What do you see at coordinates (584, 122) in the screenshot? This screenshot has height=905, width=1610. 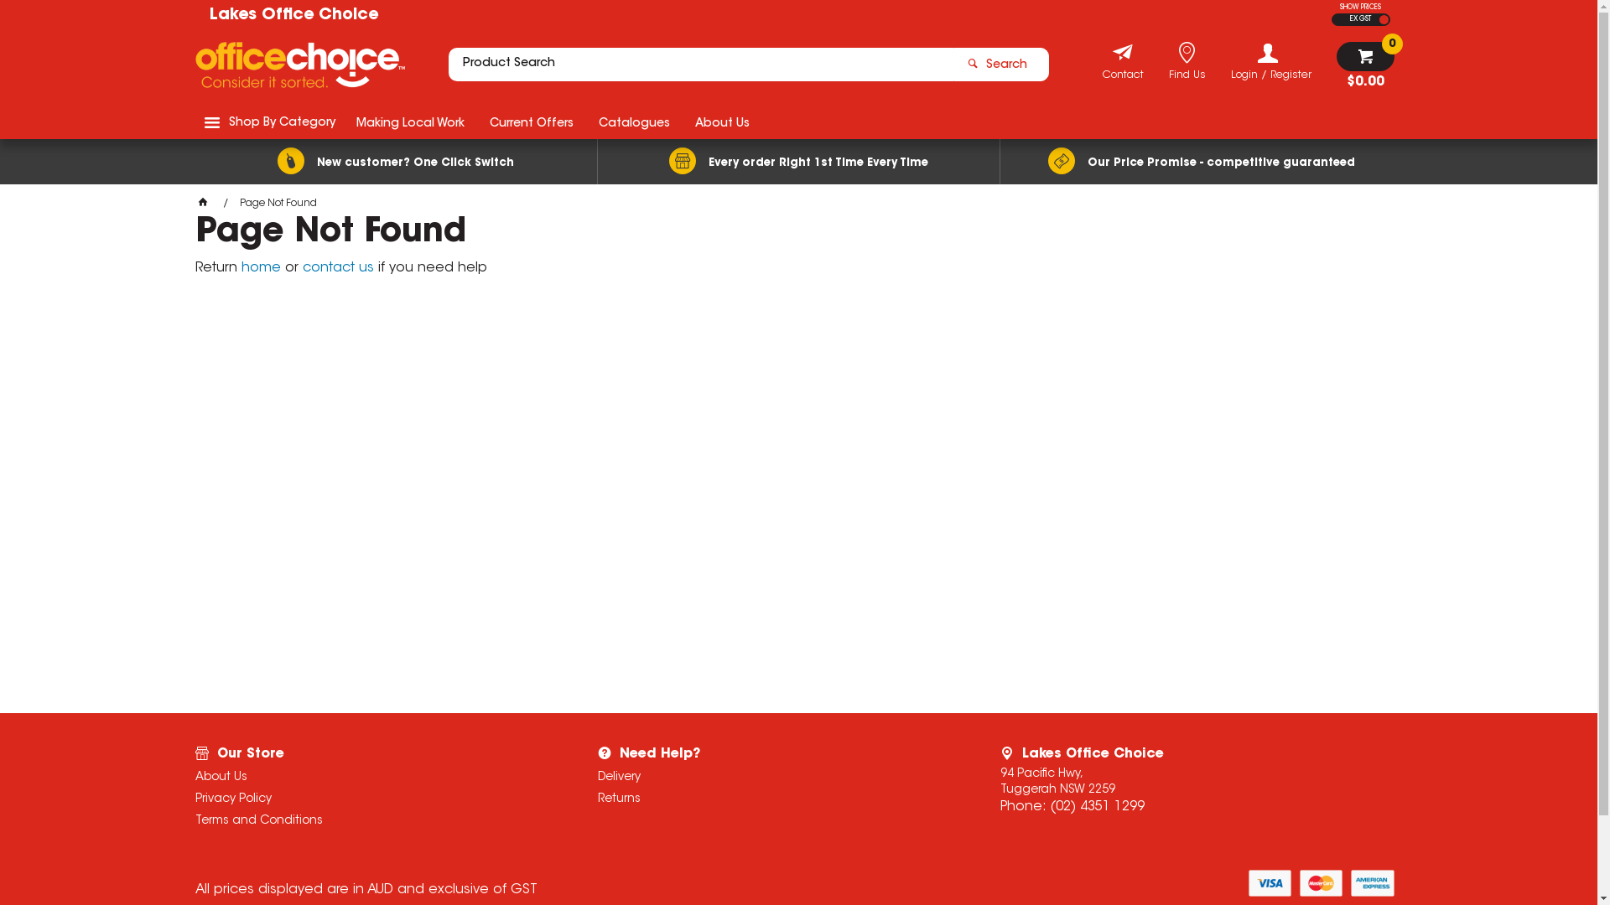 I see `'Catalogues'` at bounding box center [584, 122].